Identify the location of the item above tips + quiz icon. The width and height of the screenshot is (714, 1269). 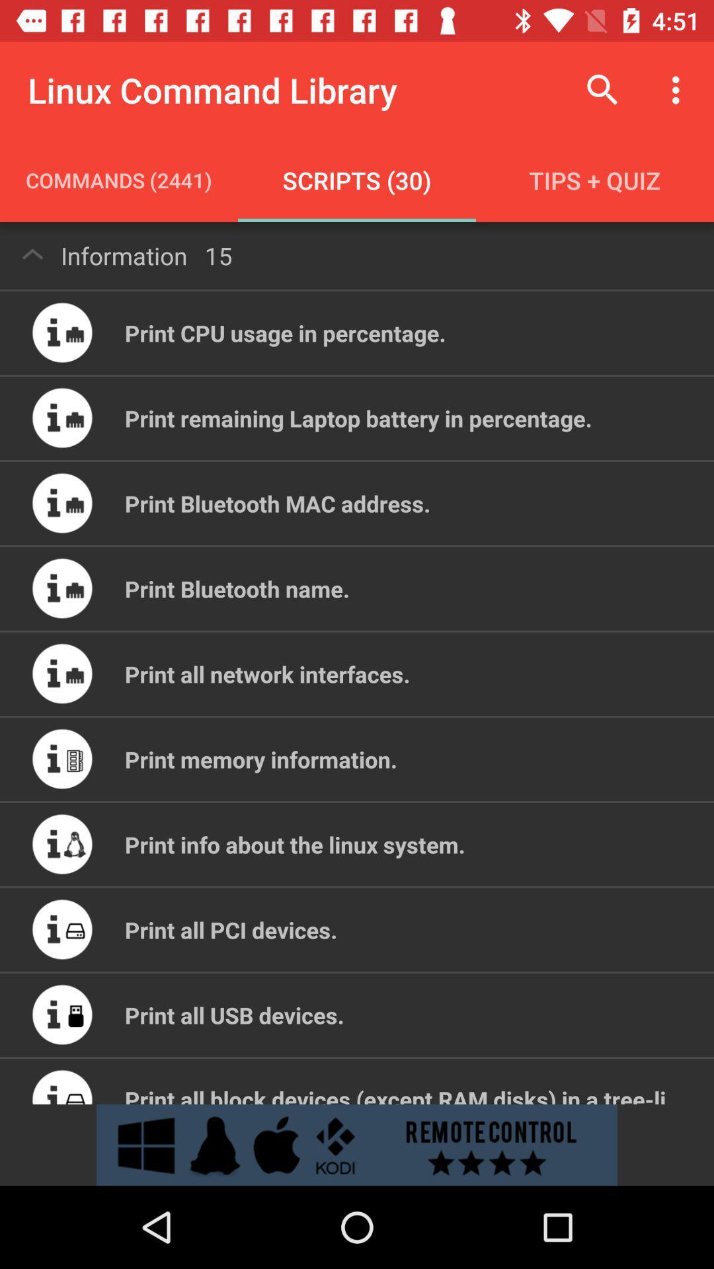
(679, 89).